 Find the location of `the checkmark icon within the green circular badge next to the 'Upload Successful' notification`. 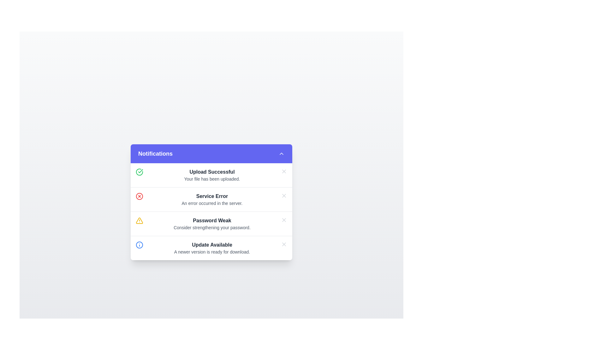

the checkmark icon within the green circular badge next to the 'Upload Successful' notification is located at coordinates (140, 171).